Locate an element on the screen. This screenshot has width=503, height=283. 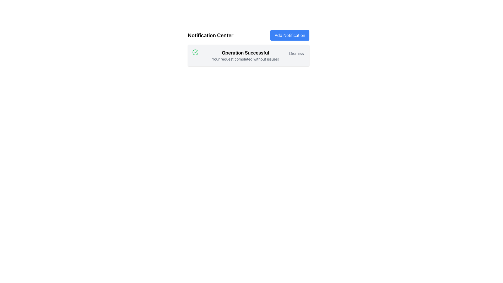
the bold text element that reads 'Operation Successful', prominently displayed at the top of the notification card is located at coordinates (245, 53).